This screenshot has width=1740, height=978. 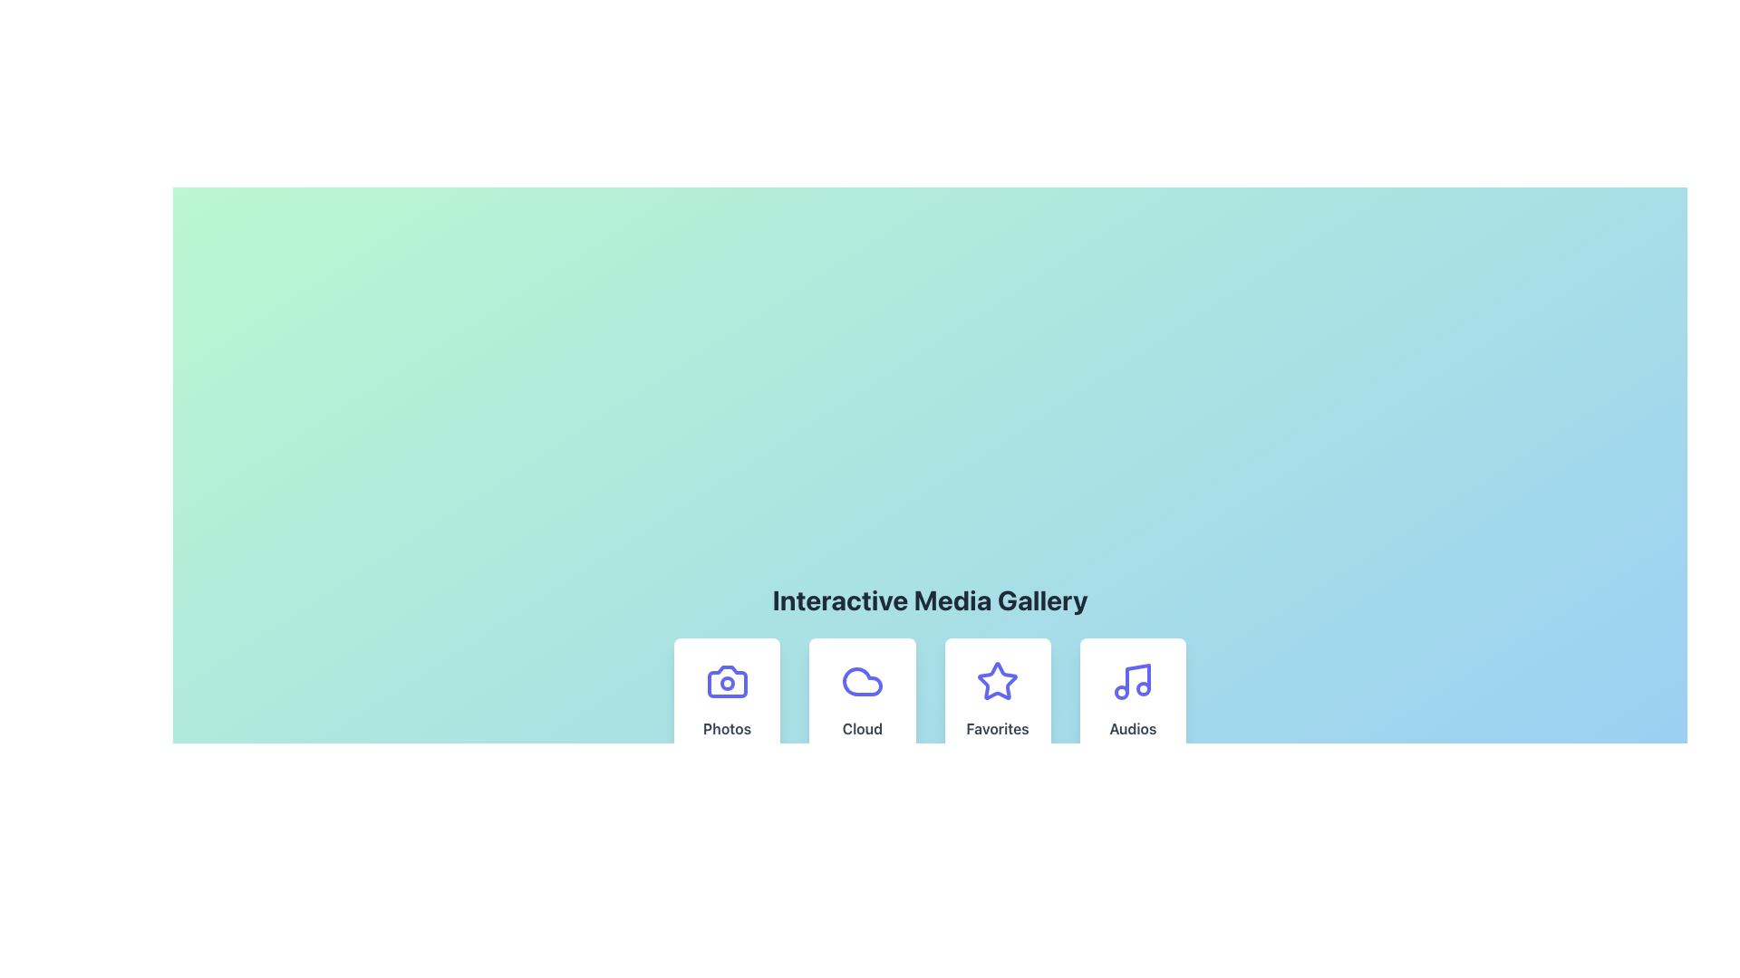 What do you see at coordinates (1143, 688) in the screenshot?
I see `the small circle that is part of the 'Audios' section icon, located at the rightmost position among the four icons in the bottom row` at bounding box center [1143, 688].